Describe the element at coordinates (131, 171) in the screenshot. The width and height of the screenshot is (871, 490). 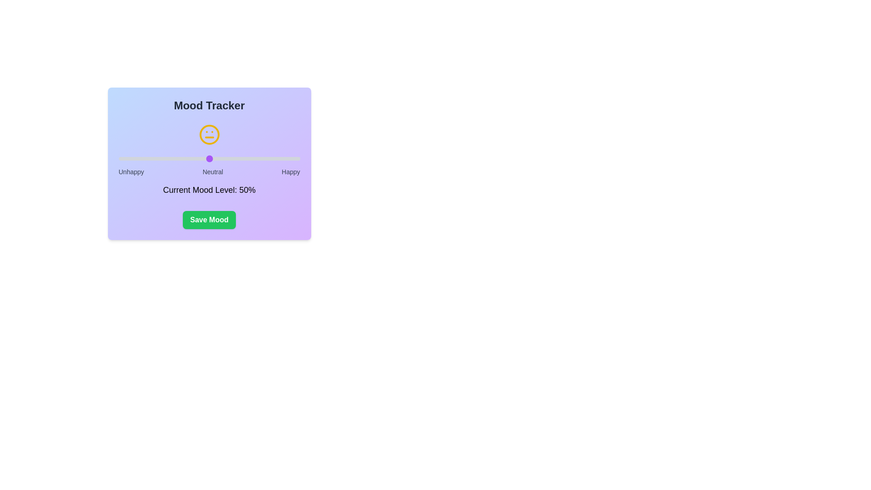
I see `the label Unhappy to interact with it` at that location.